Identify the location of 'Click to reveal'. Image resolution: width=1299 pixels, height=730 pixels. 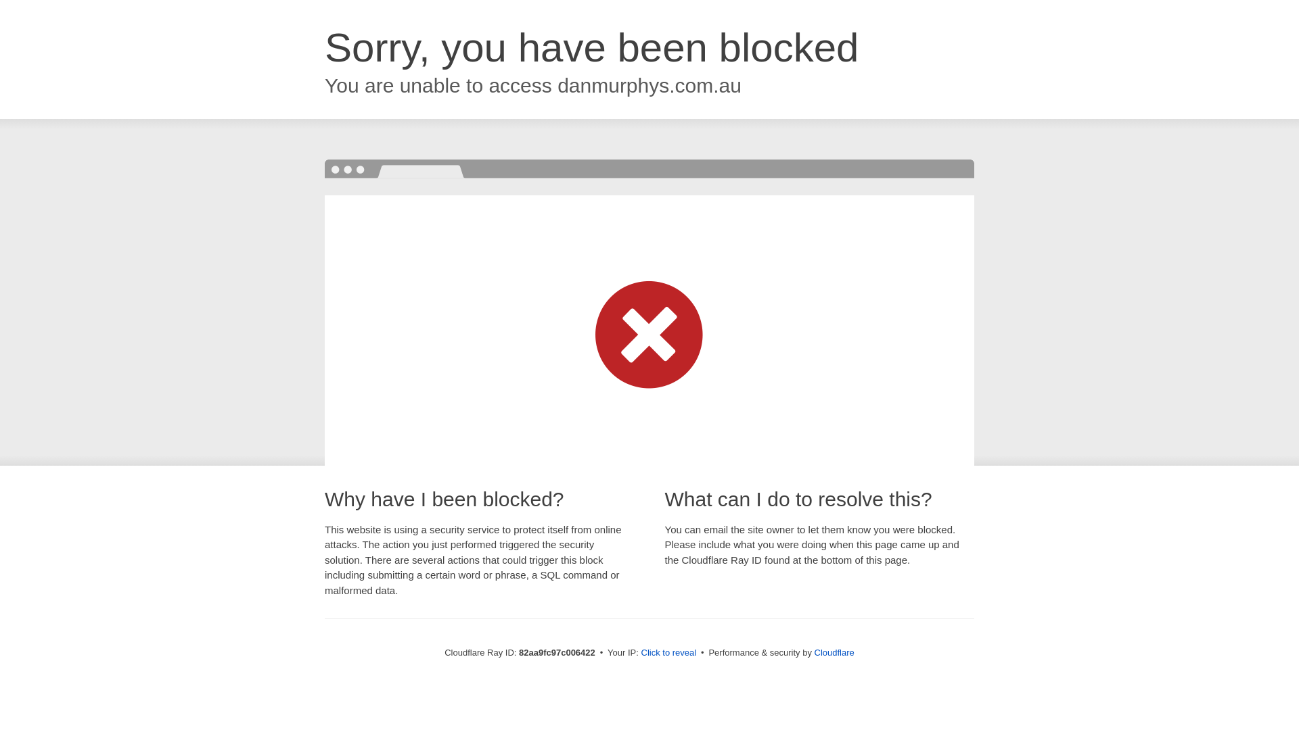
(668, 652).